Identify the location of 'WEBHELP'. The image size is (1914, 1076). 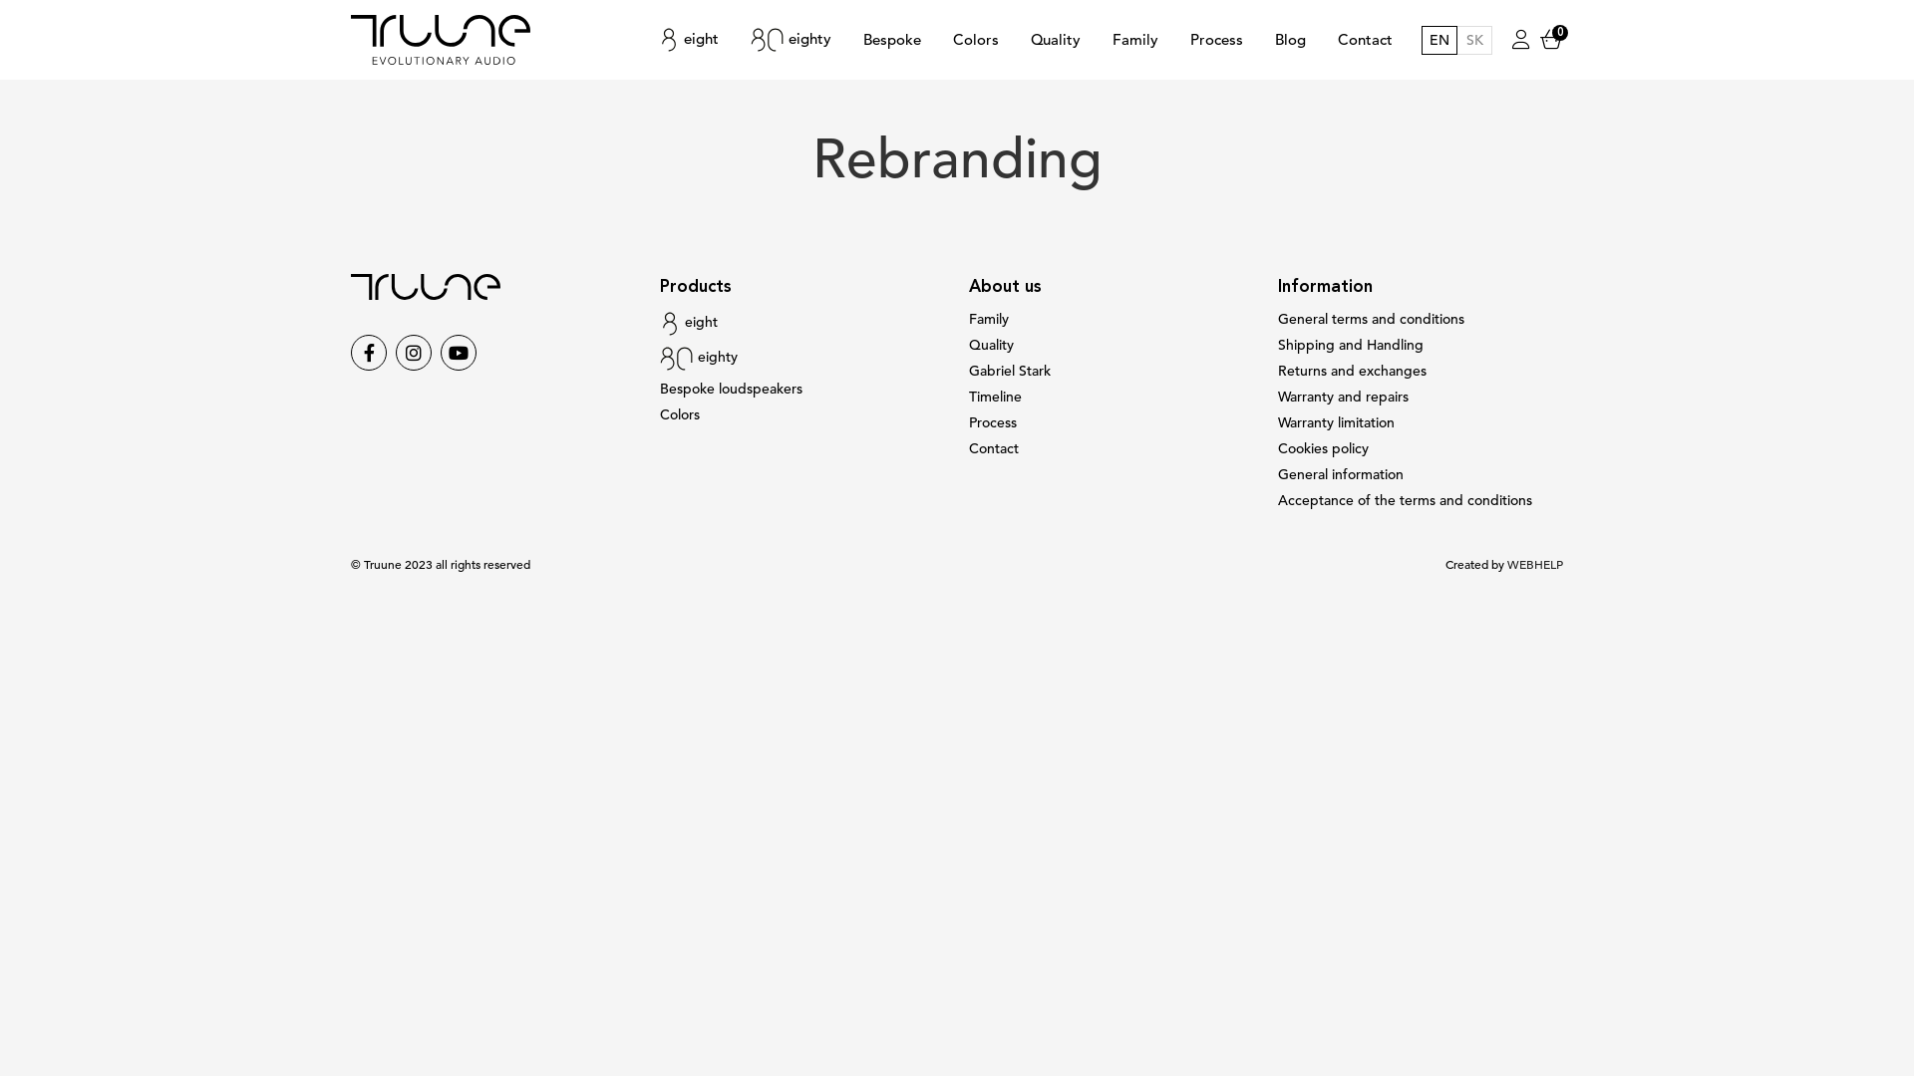
(1534, 565).